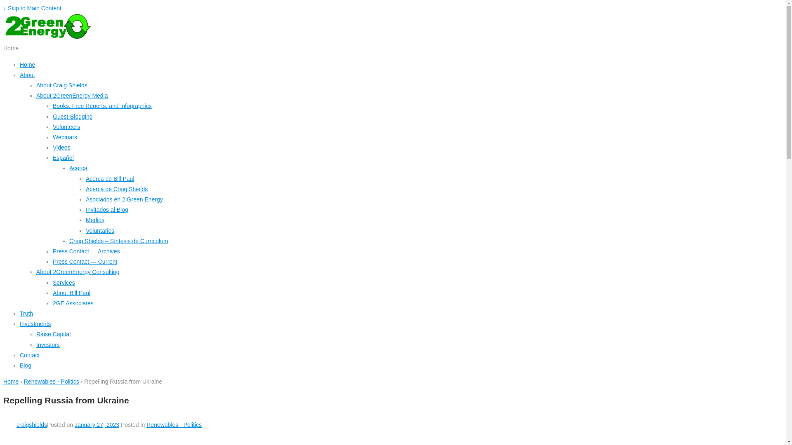 The width and height of the screenshot is (792, 445). Describe the element at coordinates (73, 116) in the screenshot. I see `'Guest-Blogging'` at that location.